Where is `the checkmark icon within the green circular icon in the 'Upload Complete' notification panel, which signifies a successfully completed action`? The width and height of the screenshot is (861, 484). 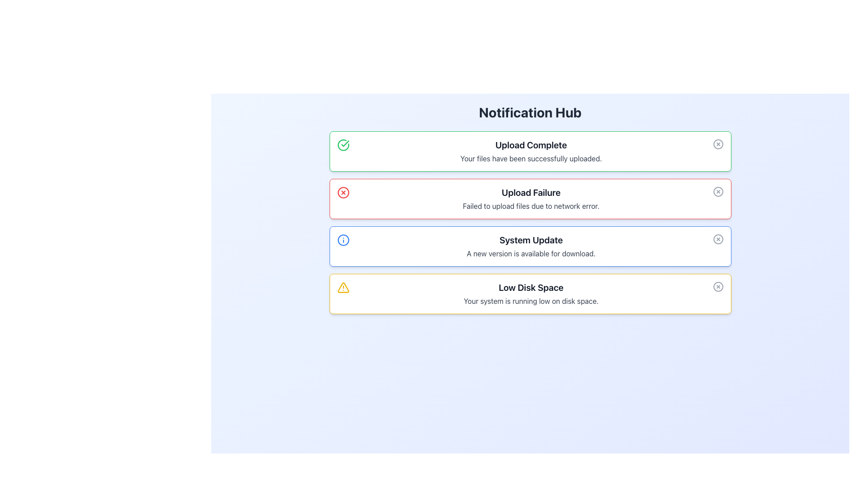 the checkmark icon within the green circular icon in the 'Upload Complete' notification panel, which signifies a successfully completed action is located at coordinates (344, 143).